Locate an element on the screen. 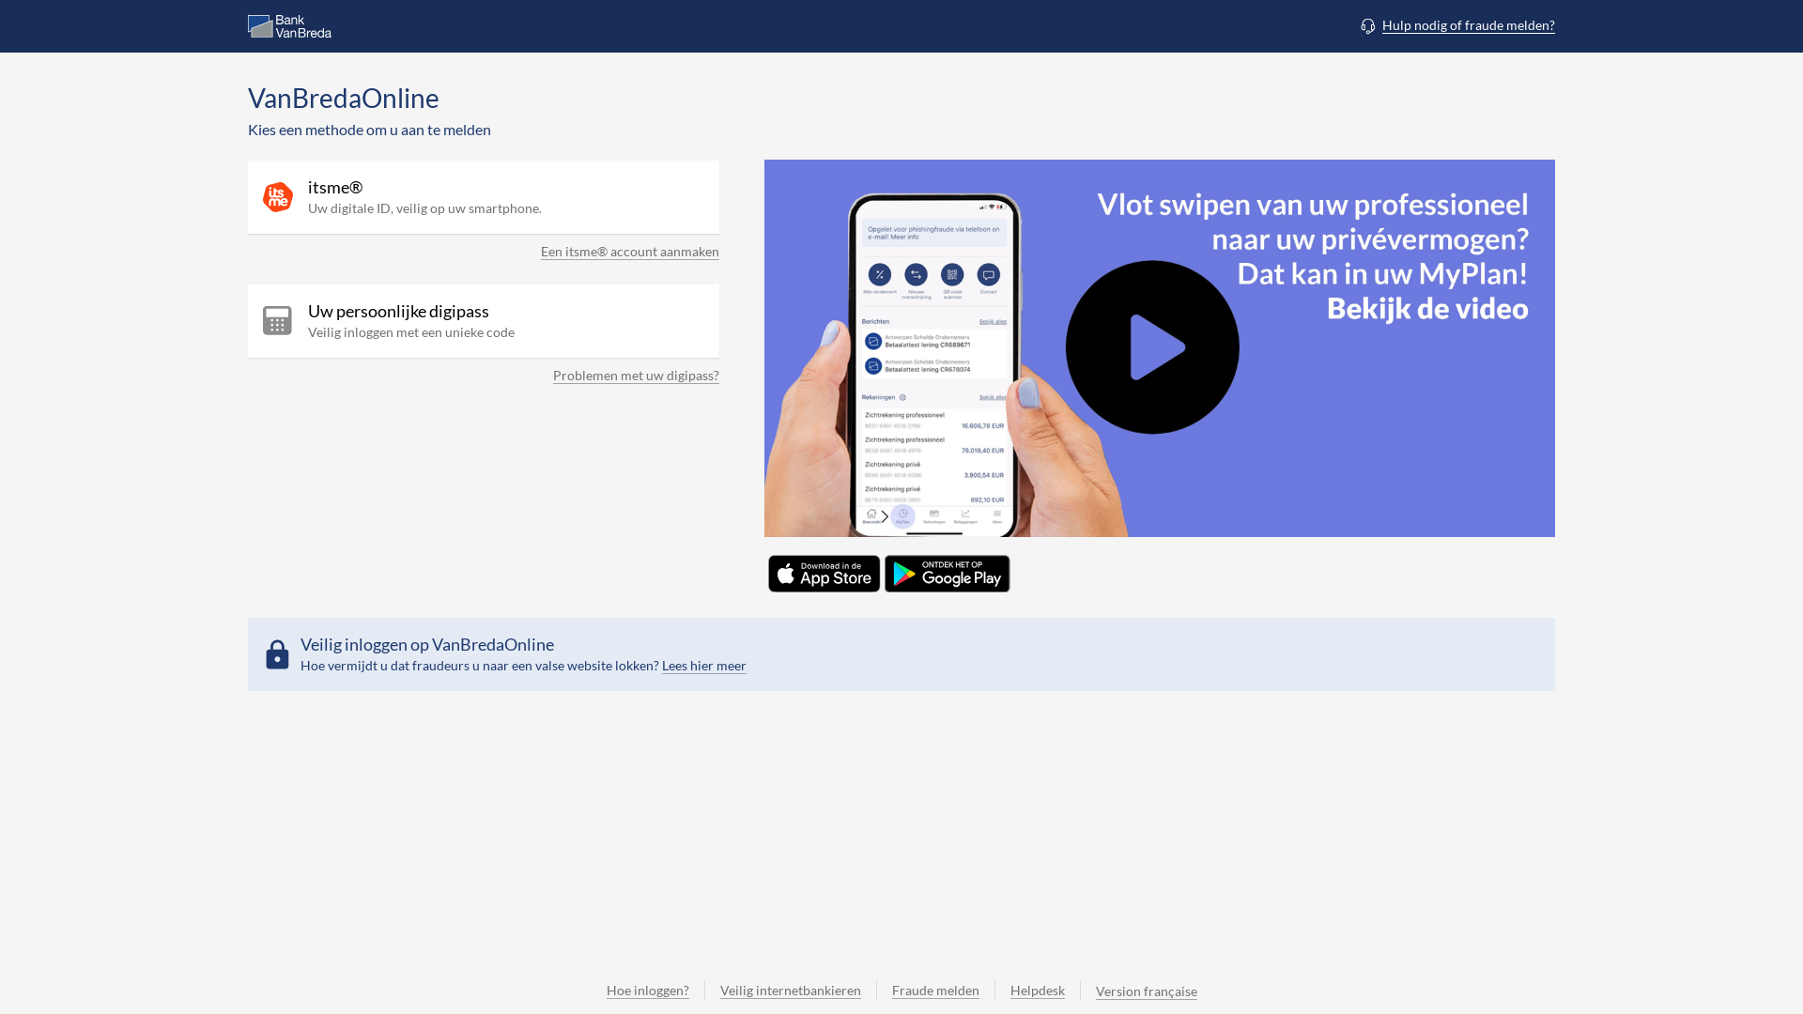  'Hulp nodig of fraude melden?' is located at coordinates (1455, 25).